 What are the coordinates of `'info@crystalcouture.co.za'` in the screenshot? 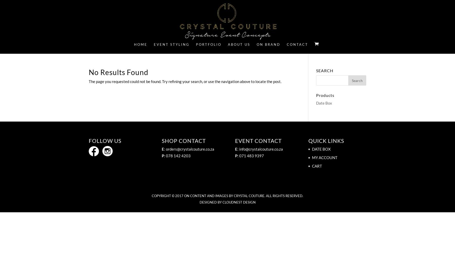 It's located at (261, 149).